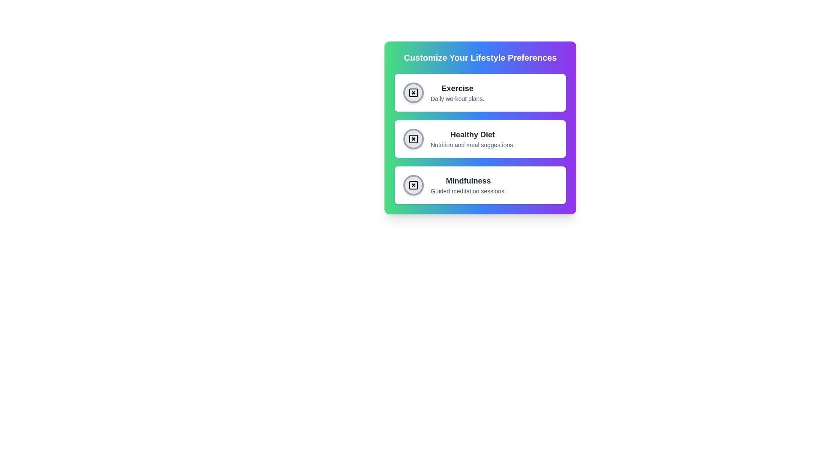  I want to click on the remove icon located to the left of the 'Exercise' row within the button-like component, so click(413, 92).